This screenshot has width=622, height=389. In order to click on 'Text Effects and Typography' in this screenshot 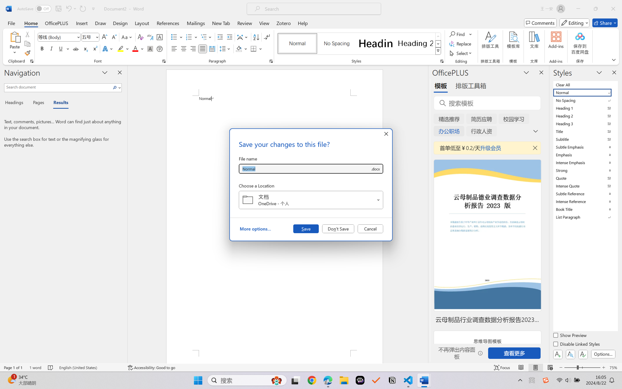, I will do `click(108, 48)`.